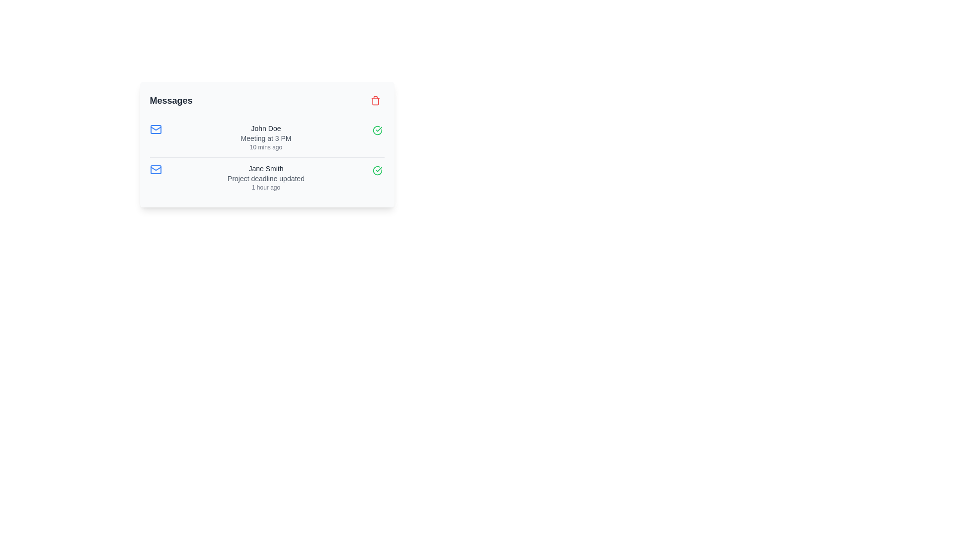 The image size is (954, 536). I want to click on the small red trash bin icon located at the top-right corner of the 'Messages' panel, so click(375, 101).